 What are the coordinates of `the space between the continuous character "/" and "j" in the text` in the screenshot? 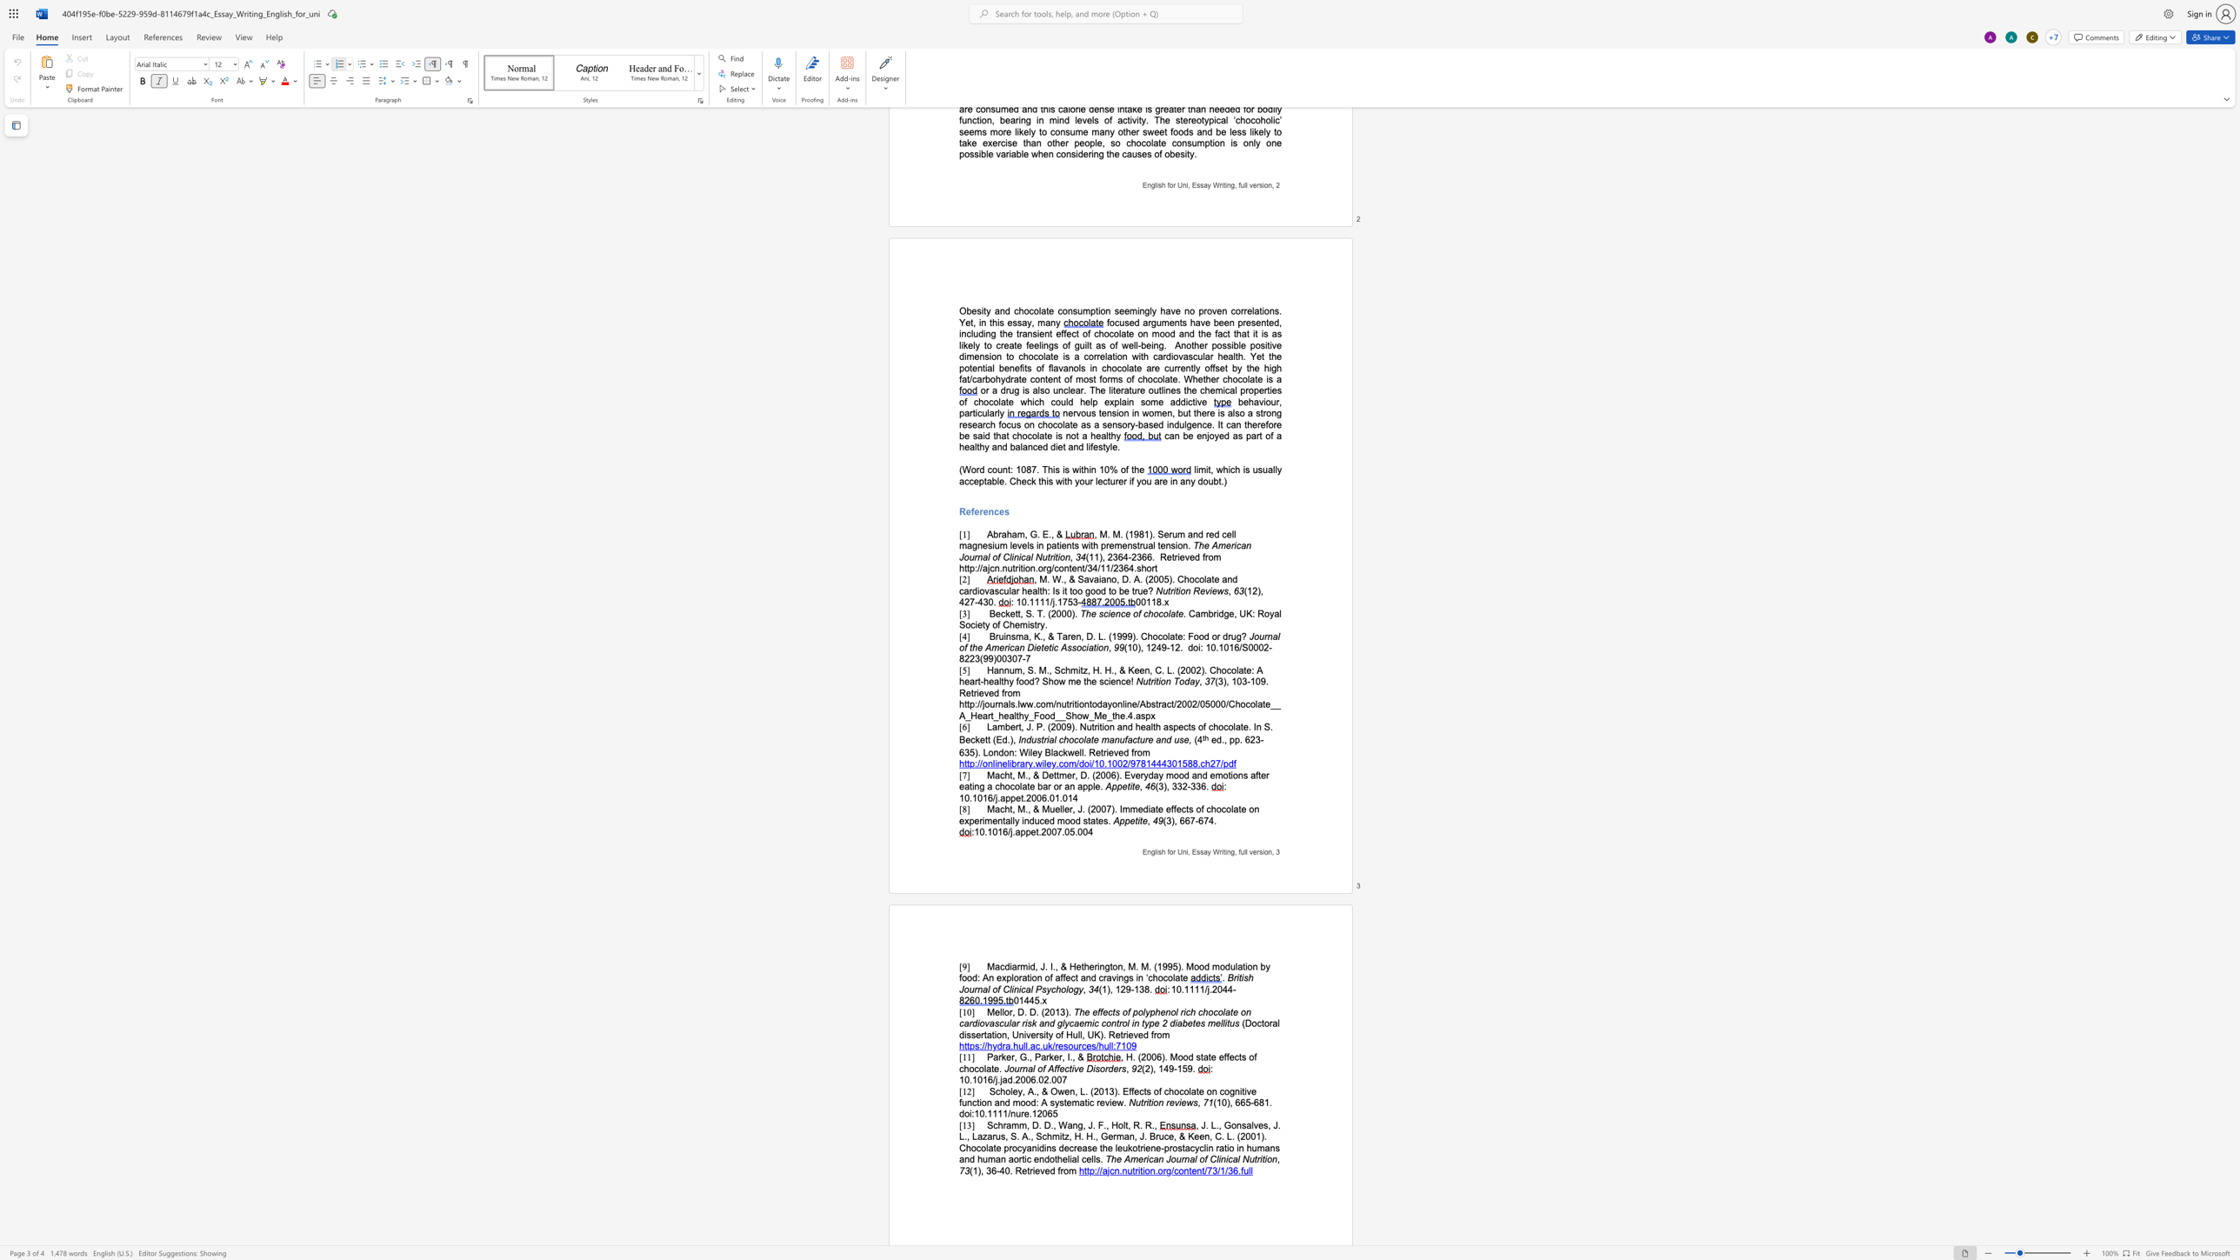 It's located at (995, 1078).